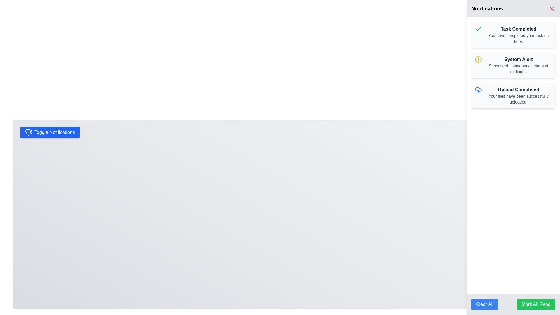 The height and width of the screenshot is (315, 560). Describe the element at coordinates (518, 35) in the screenshot. I see `the first notification entry in the Textual Notification Block at the top of the notification panel` at that location.